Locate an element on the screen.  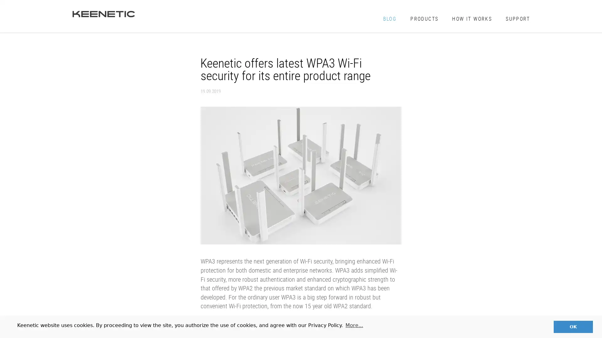
dismiss cookie message is located at coordinates (573, 326).